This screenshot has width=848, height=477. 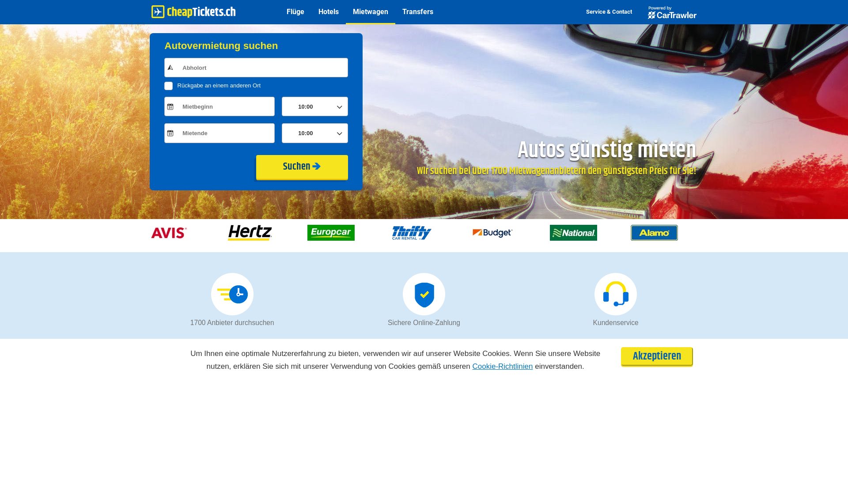 What do you see at coordinates (302, 167) in the screenshot?
I see `'Suchen'` at bounding box center [302, 167].